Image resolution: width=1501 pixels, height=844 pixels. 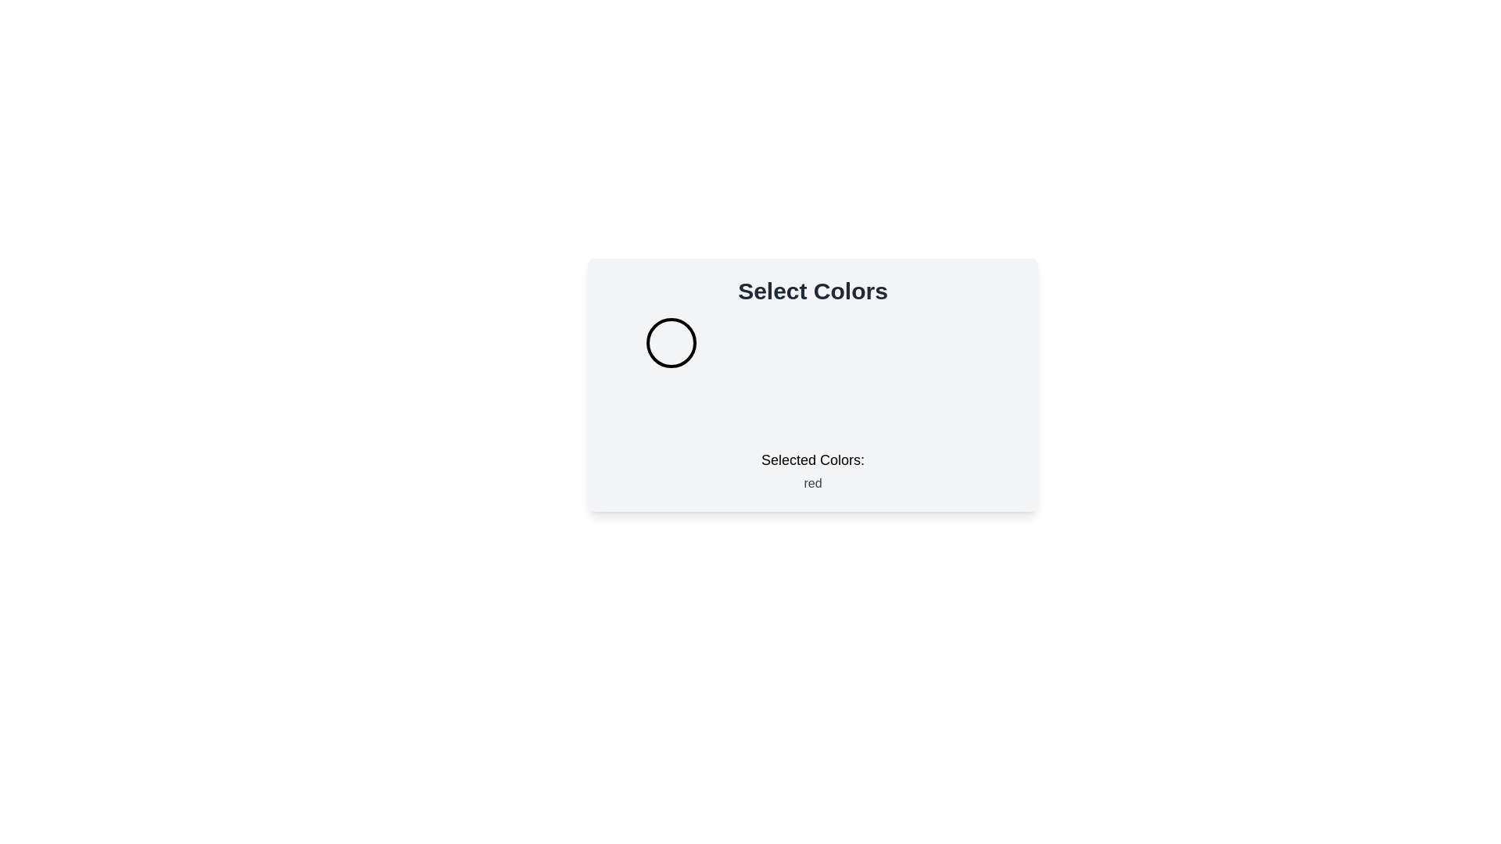 What do you see at coordinates (813, 385) in the screenshot?
I see `the color button within the interactive area of the modal` at bounding box center [813, 385].